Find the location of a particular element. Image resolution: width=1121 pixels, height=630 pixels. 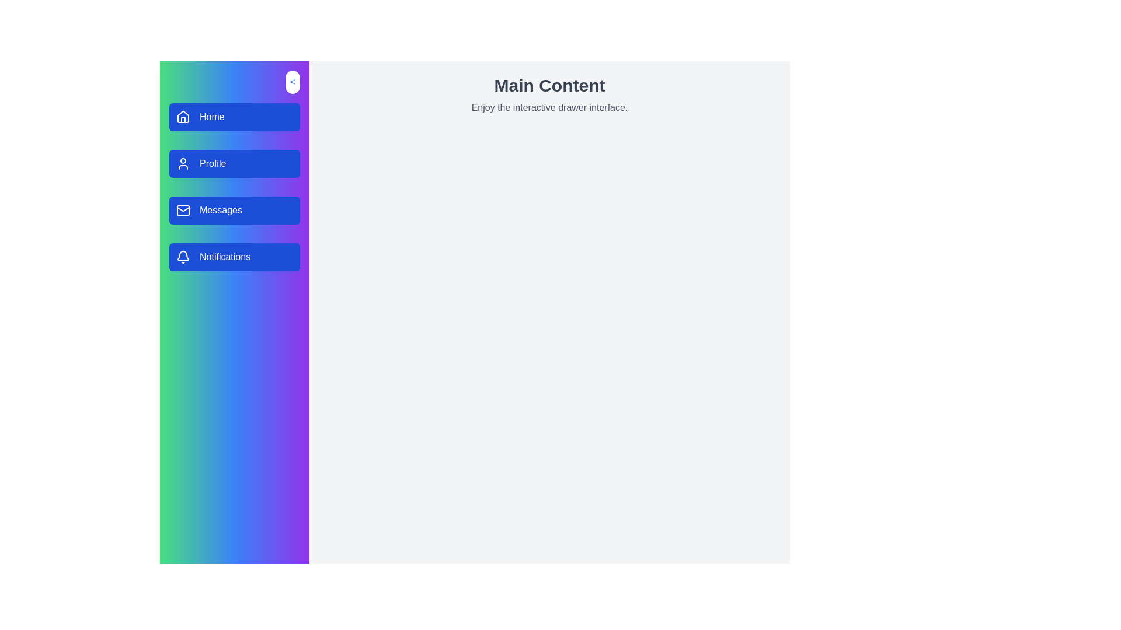

the 'Messages' text label within the third button of the vertical navigation menu on the left sidebar, which is styled in white color against a blue background is located at coordinates (221, 211).